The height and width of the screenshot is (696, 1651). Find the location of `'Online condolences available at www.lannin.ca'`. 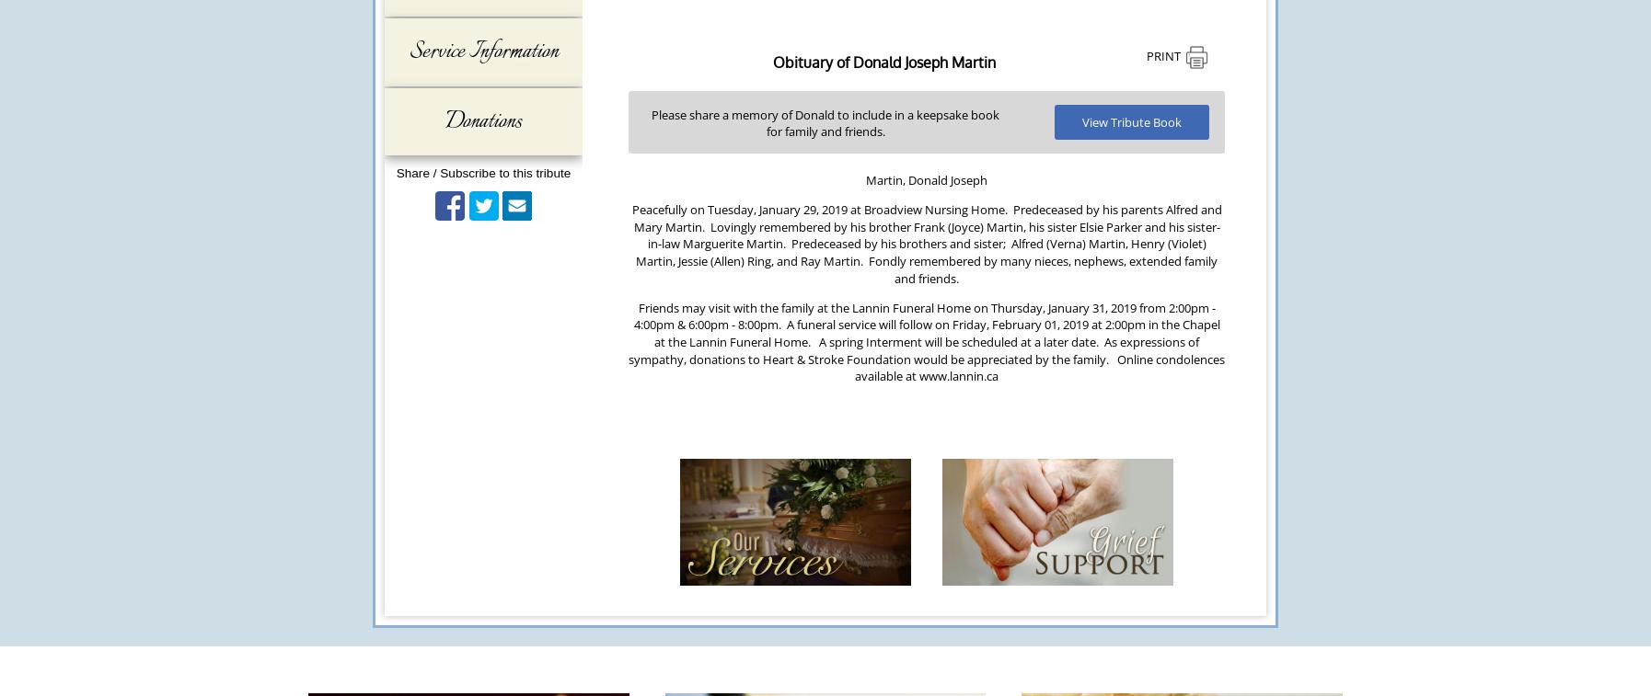

'Online condolences available at www.lannin.ca' is located at coordinates (1039, 367).